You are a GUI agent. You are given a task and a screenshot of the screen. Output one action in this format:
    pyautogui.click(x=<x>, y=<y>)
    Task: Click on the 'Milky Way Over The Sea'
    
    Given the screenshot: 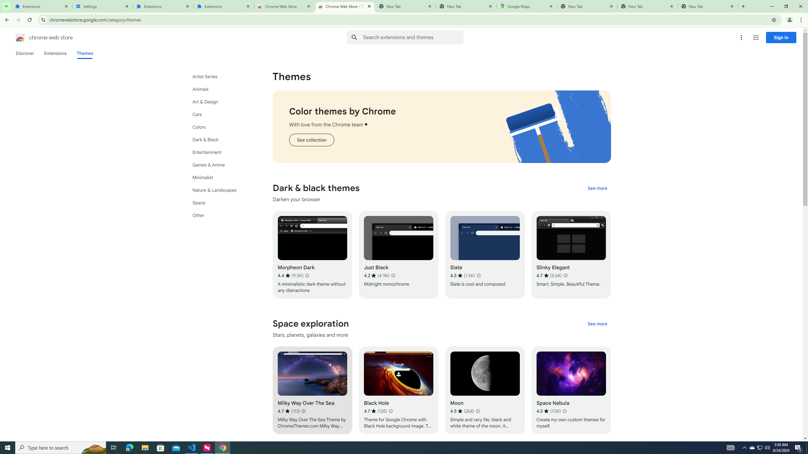 What is the action you would take?
    pyautogui.click(x=312, y=390)
    